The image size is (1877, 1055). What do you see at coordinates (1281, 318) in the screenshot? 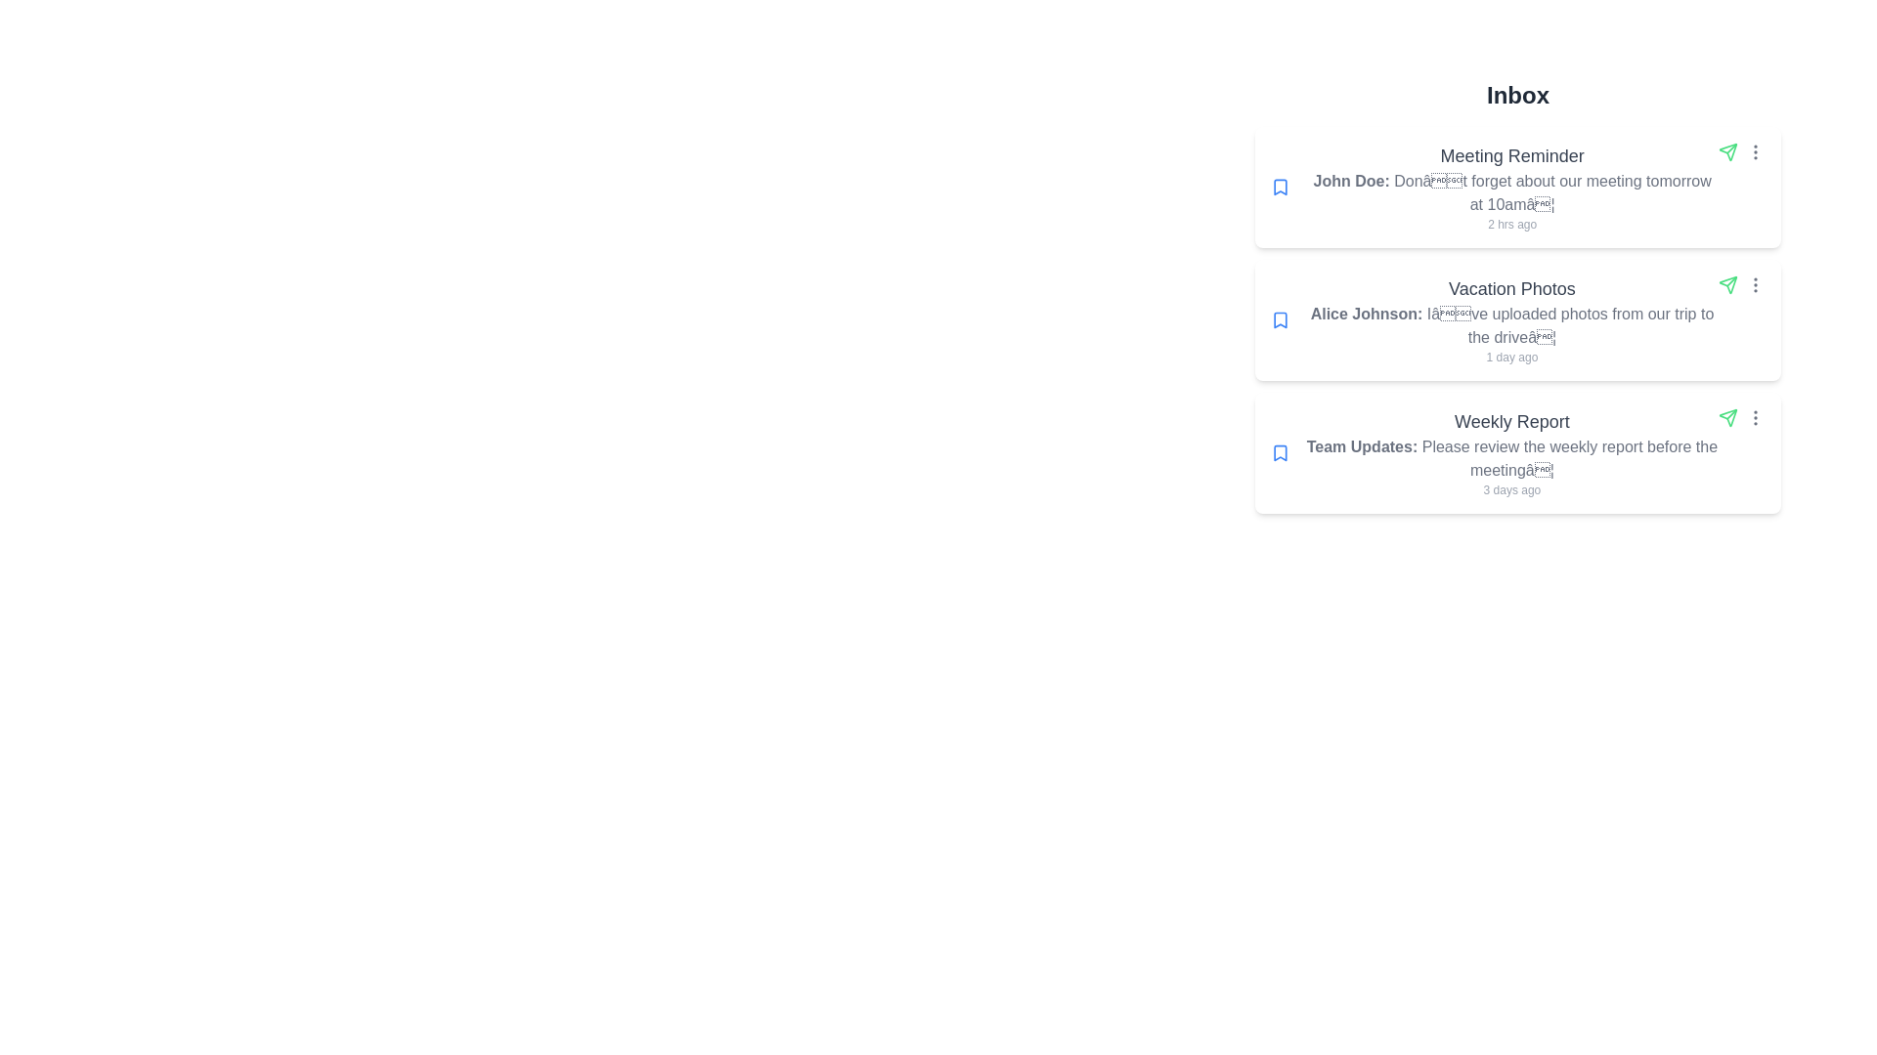
I see `bookmark icon for the message with subject Vacation Photos` at bounding box center [1281, 318].